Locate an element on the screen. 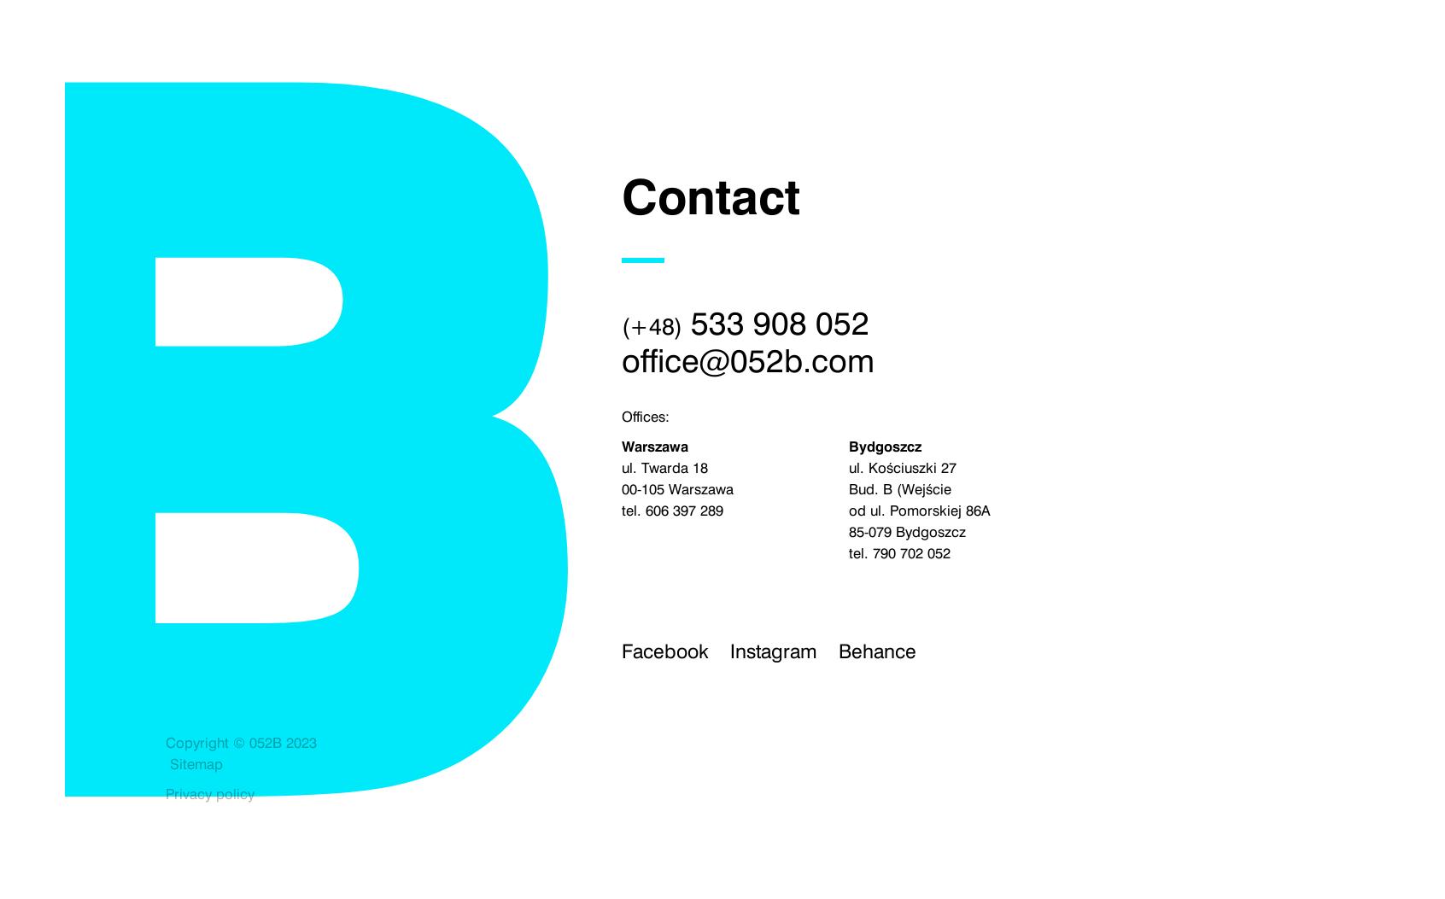  '606 397 289' is located at coordinates (683, 510).